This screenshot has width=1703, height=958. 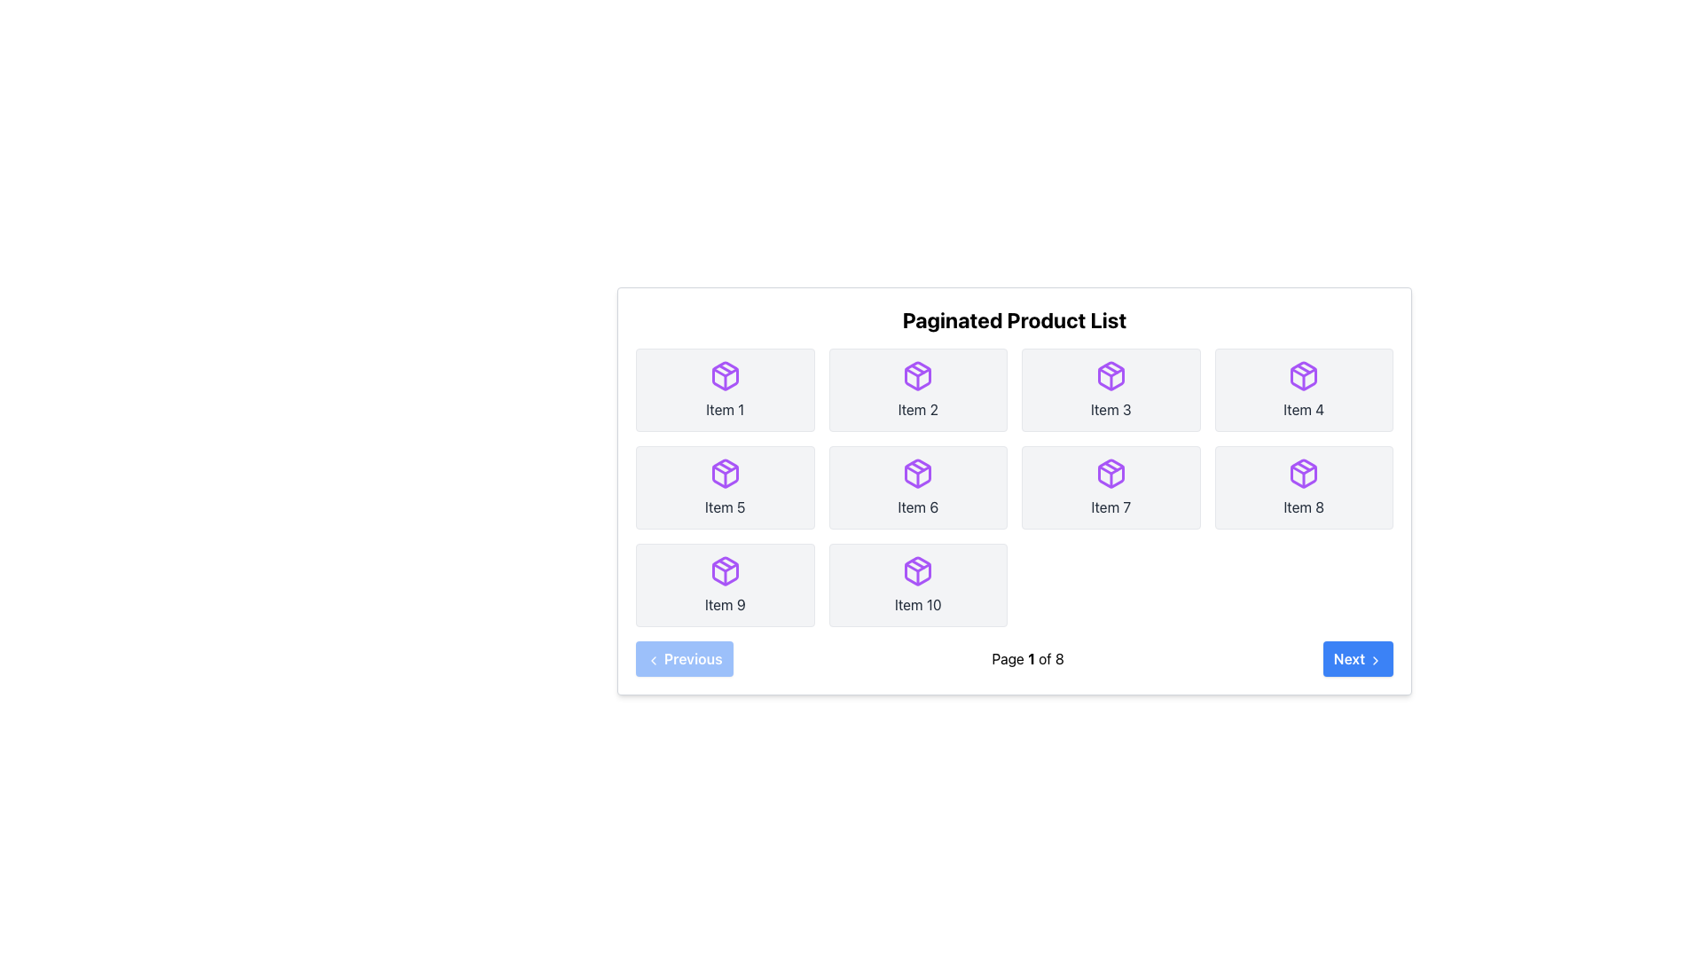 What do you see at coordinates (725, 571) in the screenshot?
I see `the icon representing 'Item 9' located in the third row, first column of the grid` at bounding box center [725, 571].